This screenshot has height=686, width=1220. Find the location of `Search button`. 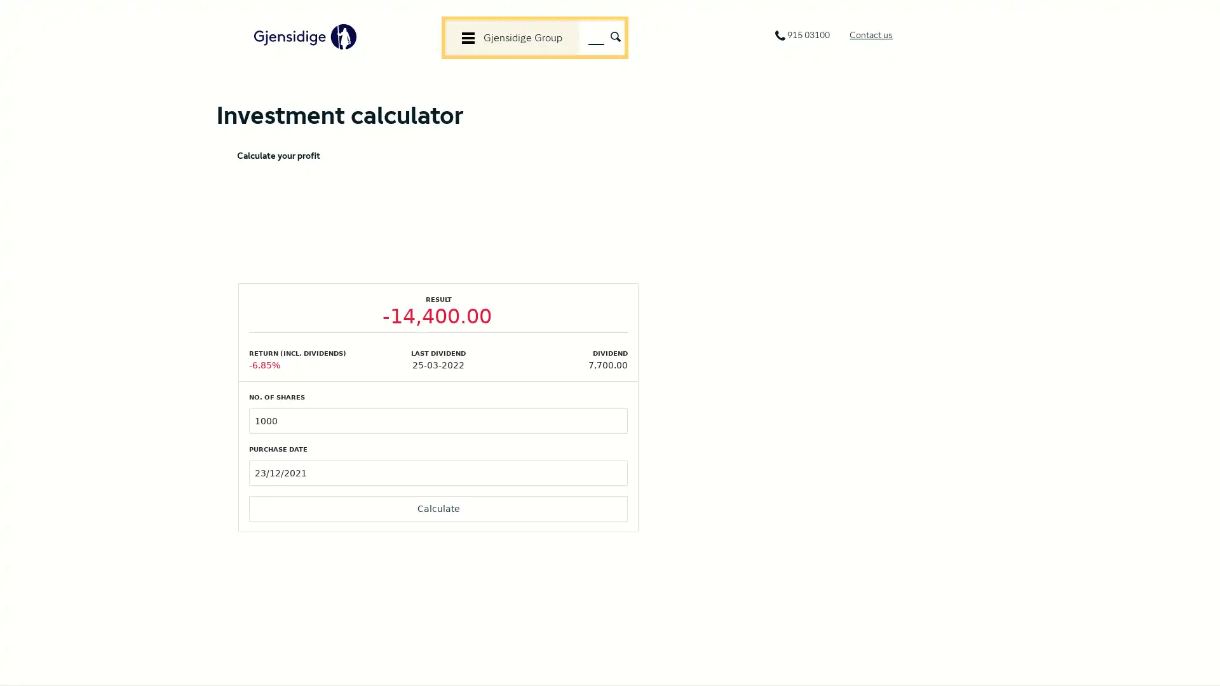

Search button is located at coordinates (615, 35).